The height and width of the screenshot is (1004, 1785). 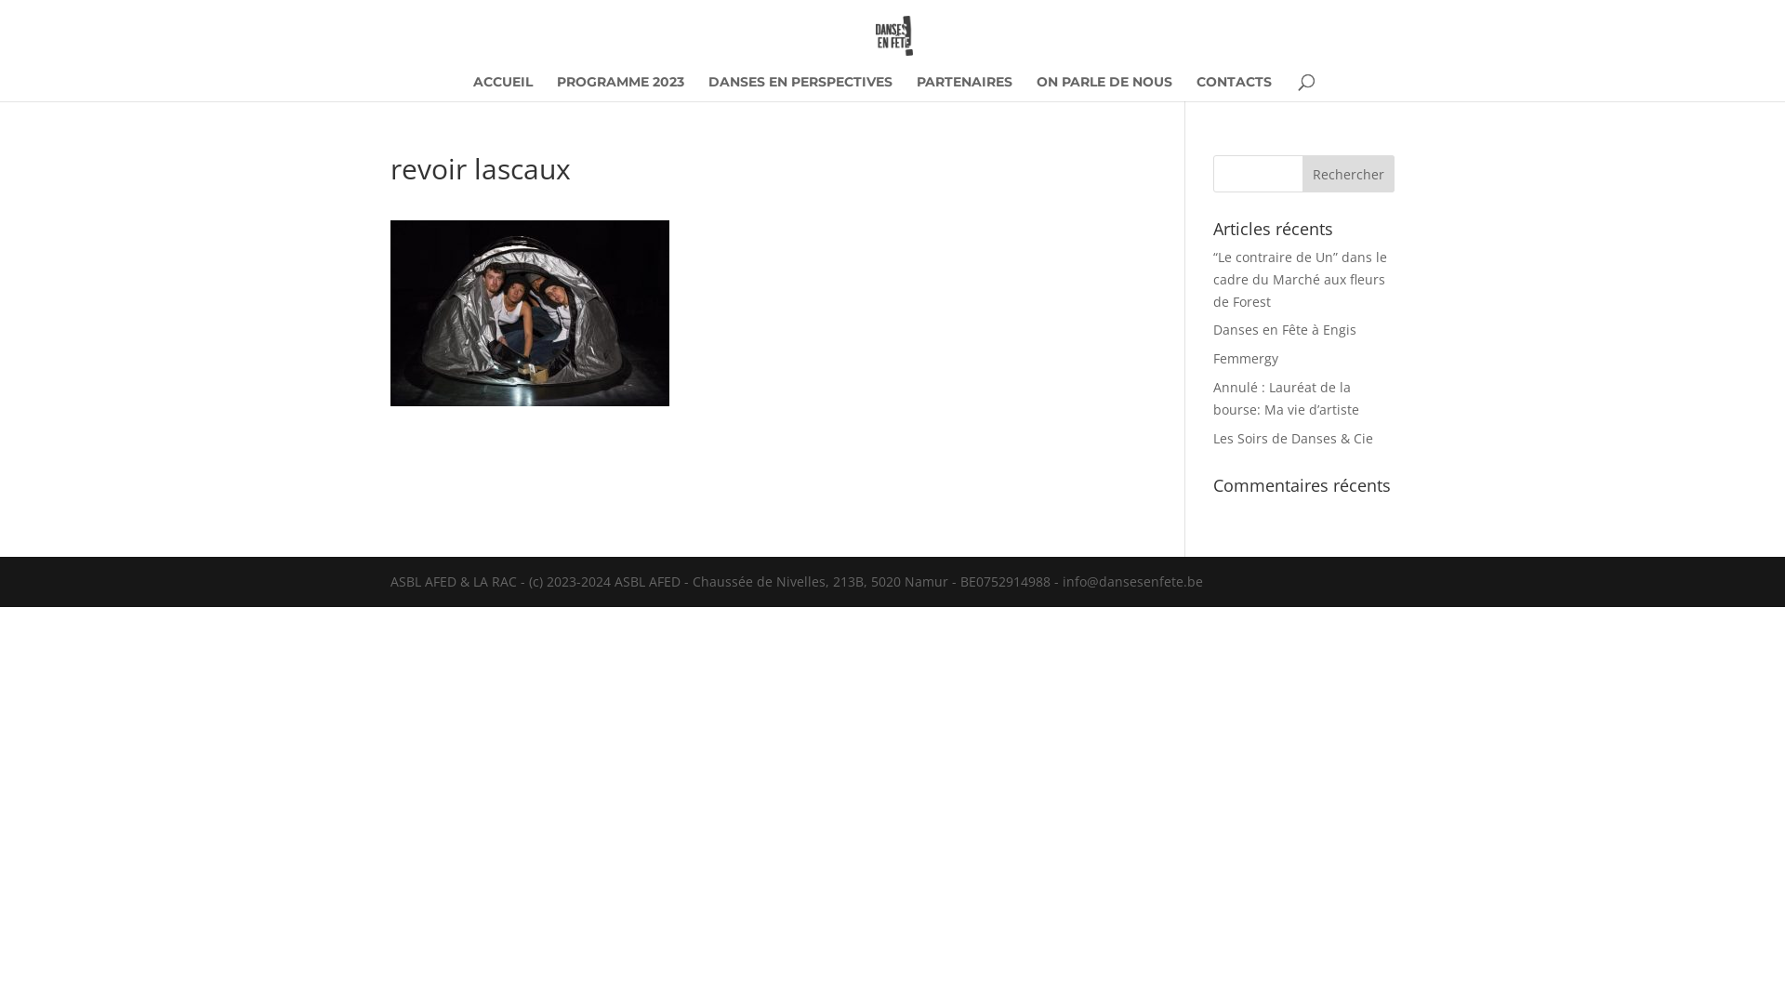 I want to click on 'Les Soirs de Danses & Cie', so click(x=1292, y=438).